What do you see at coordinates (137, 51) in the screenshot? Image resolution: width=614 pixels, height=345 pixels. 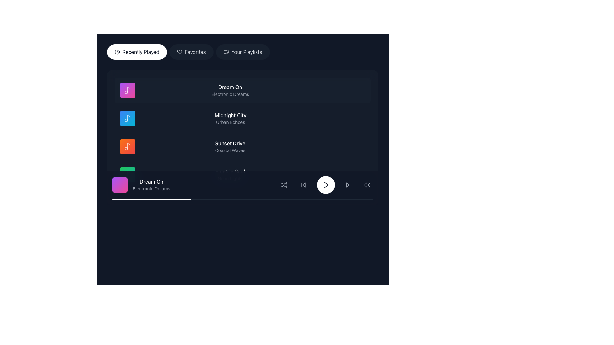 I see `the 'Recently Played' button, which is a rounded rectangular button with a white background and gray text` at bounding box center [137, 51].